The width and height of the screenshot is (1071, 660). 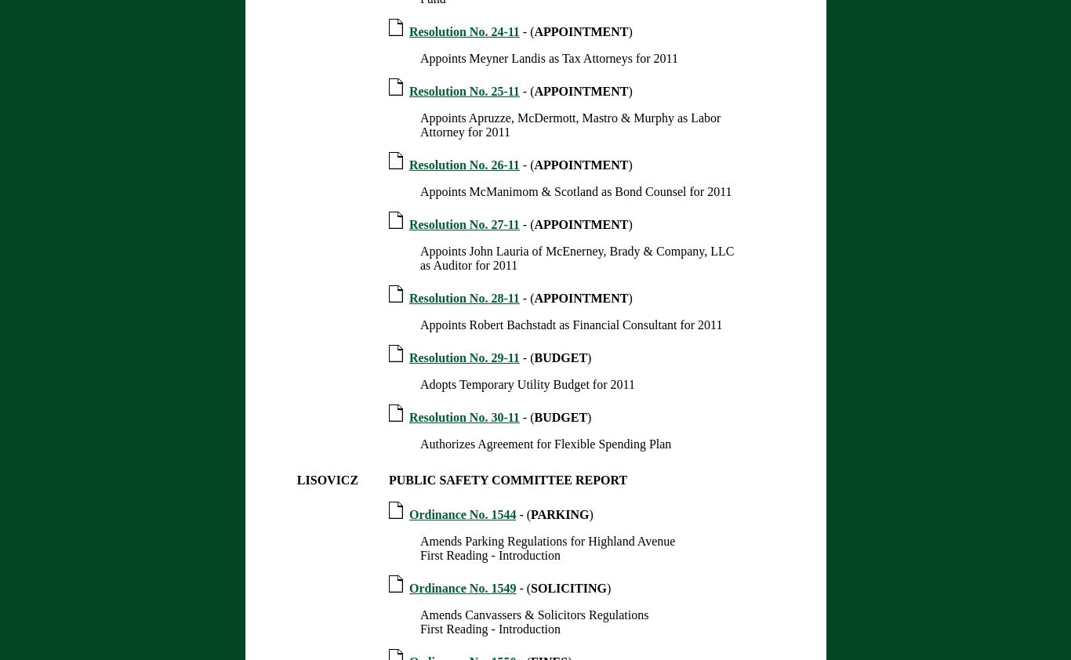 I want to click on 'Appoints John Lauria of McEnerney, Brady & Company, LLC as Auditor for  2011', so click(x=576, y=258).